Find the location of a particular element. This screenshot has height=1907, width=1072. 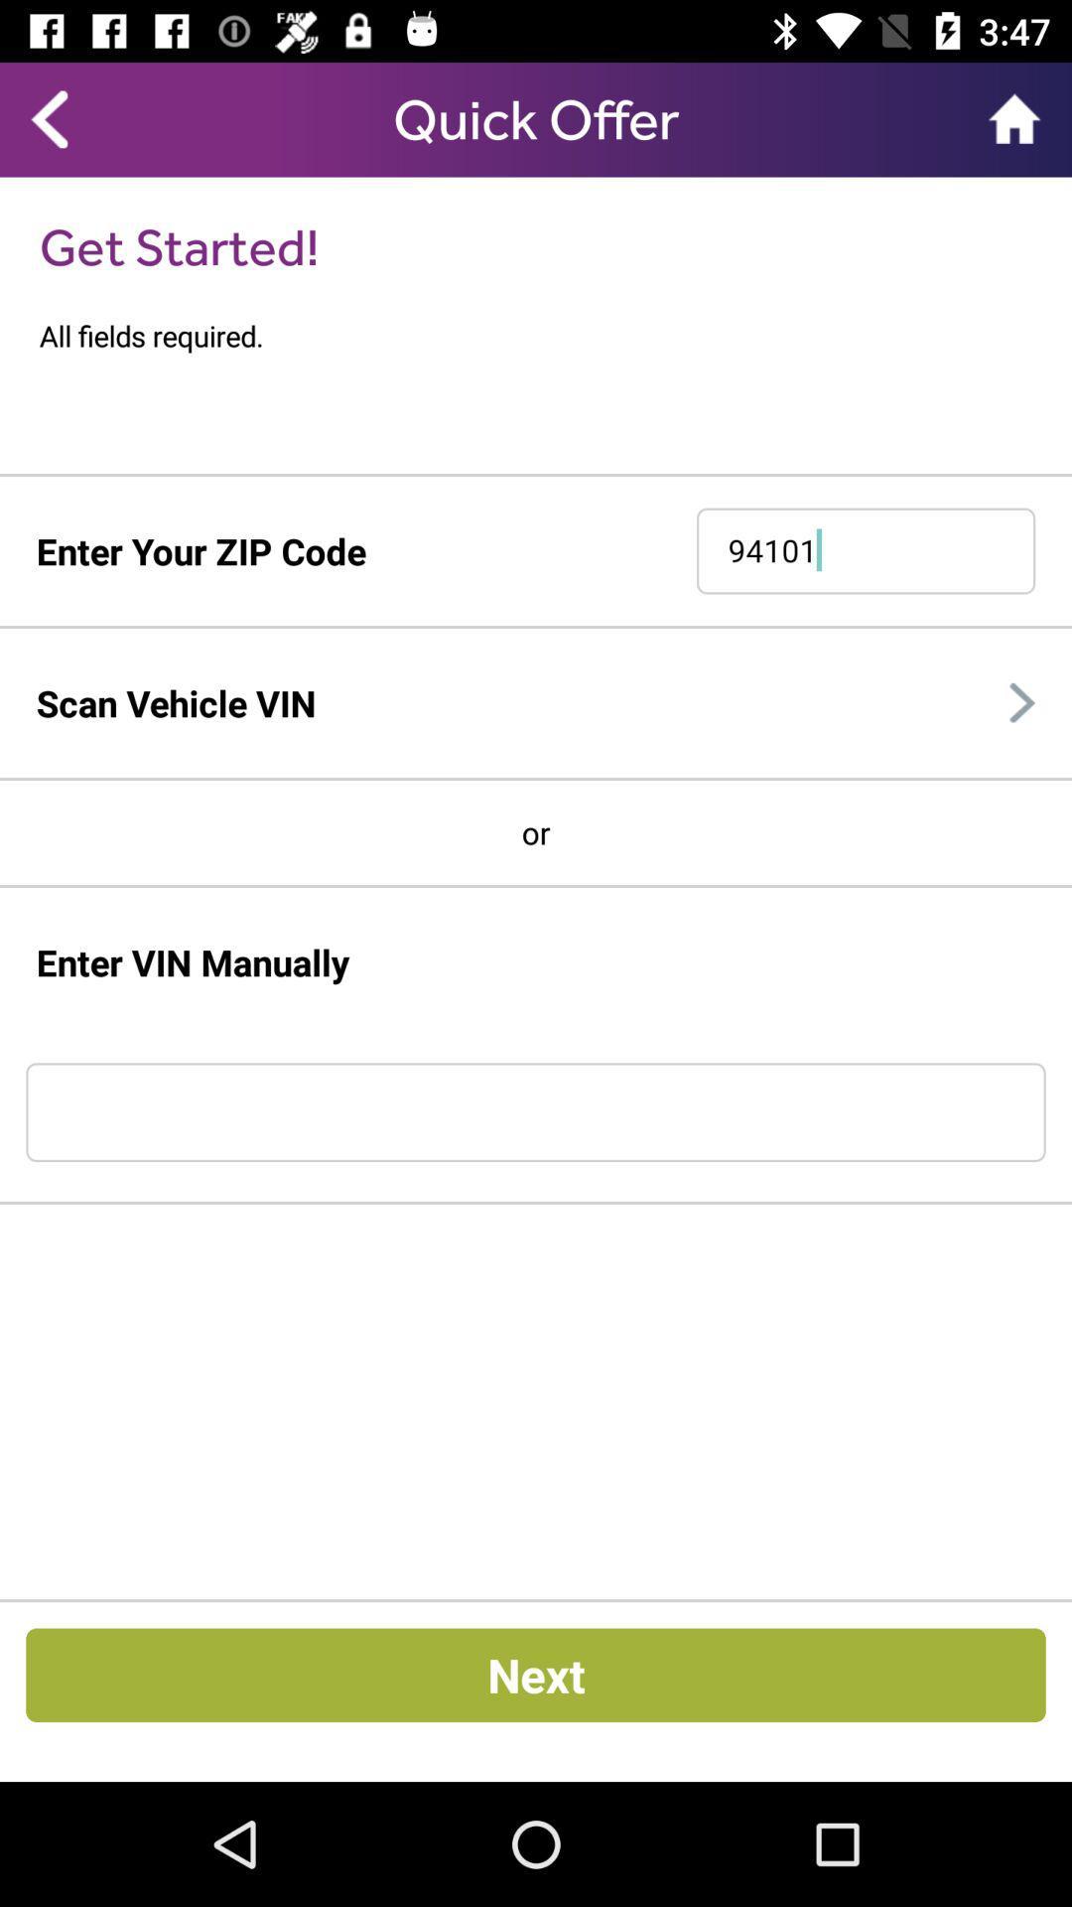

item to the right of quick offer item is located at coordinates (1014, 117).